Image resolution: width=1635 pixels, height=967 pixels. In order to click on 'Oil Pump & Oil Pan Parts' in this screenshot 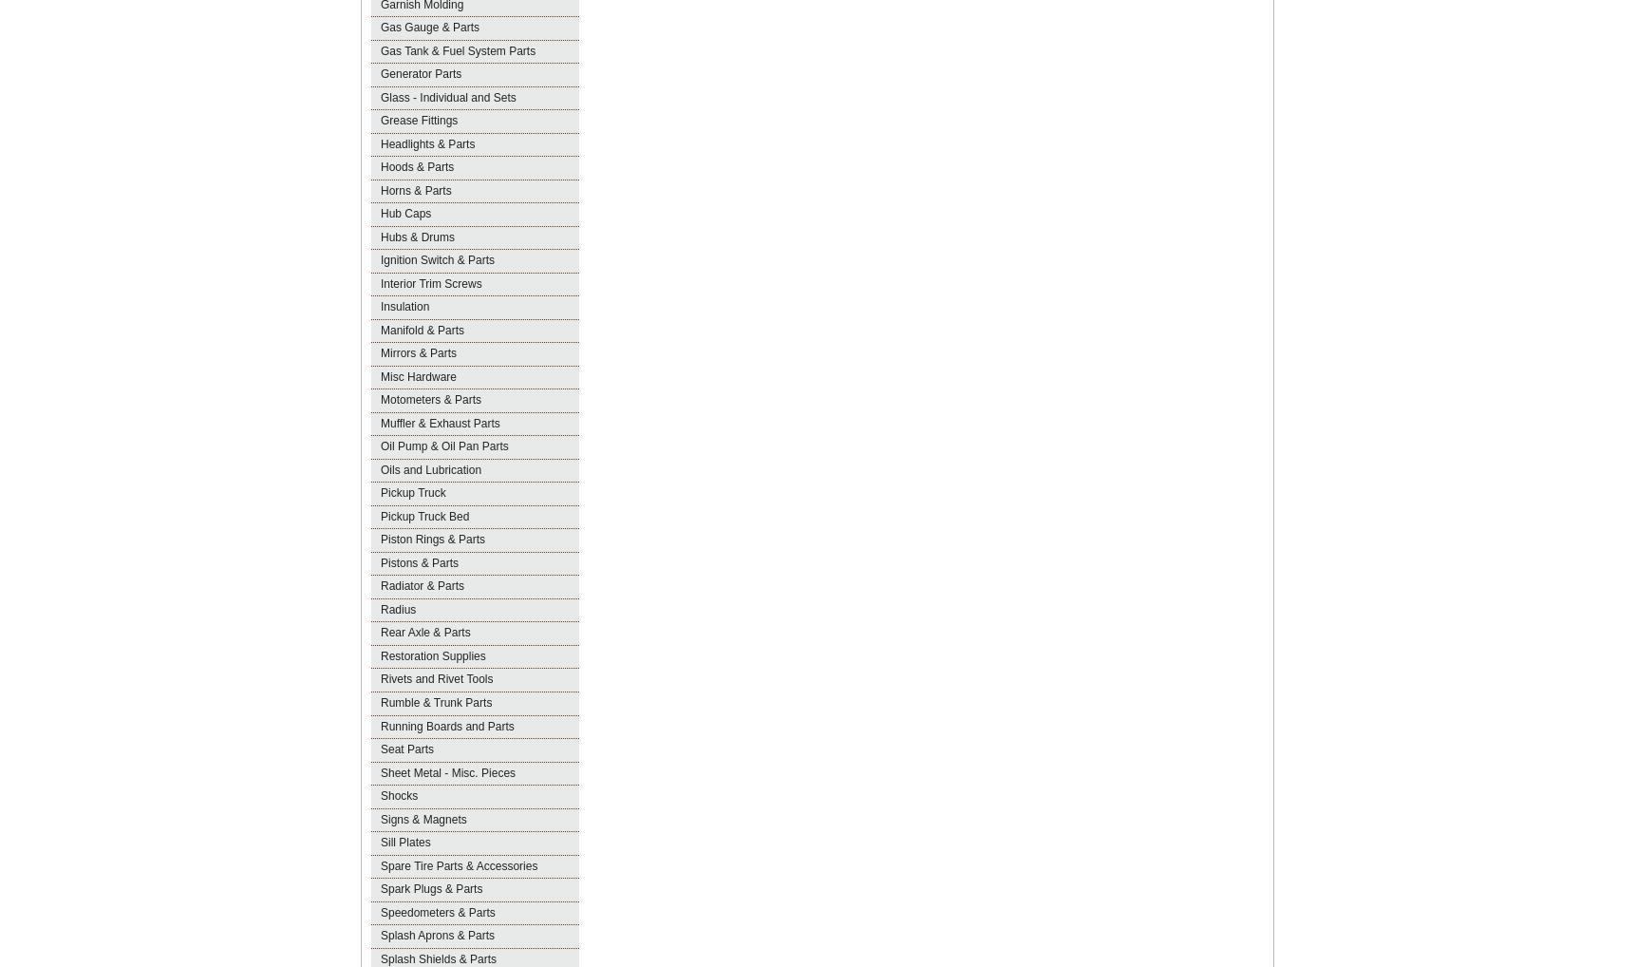, I will do `click(443, 446)`.